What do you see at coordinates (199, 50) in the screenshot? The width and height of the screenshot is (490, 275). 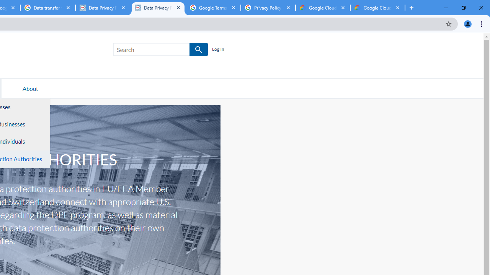 I see `'SEARCH'` at bounding box center [199, 50].